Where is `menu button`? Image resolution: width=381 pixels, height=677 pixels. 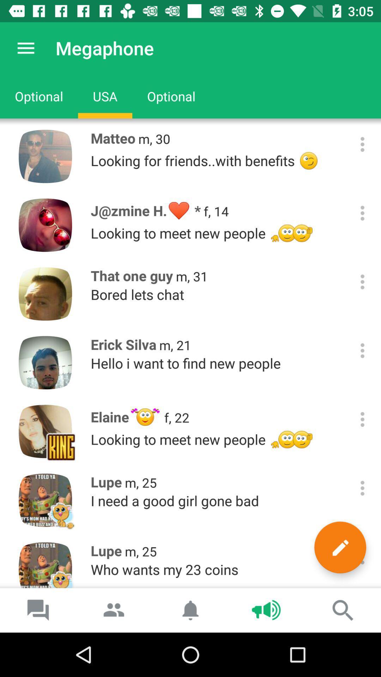
menu button is located at coordinates (362, 556).